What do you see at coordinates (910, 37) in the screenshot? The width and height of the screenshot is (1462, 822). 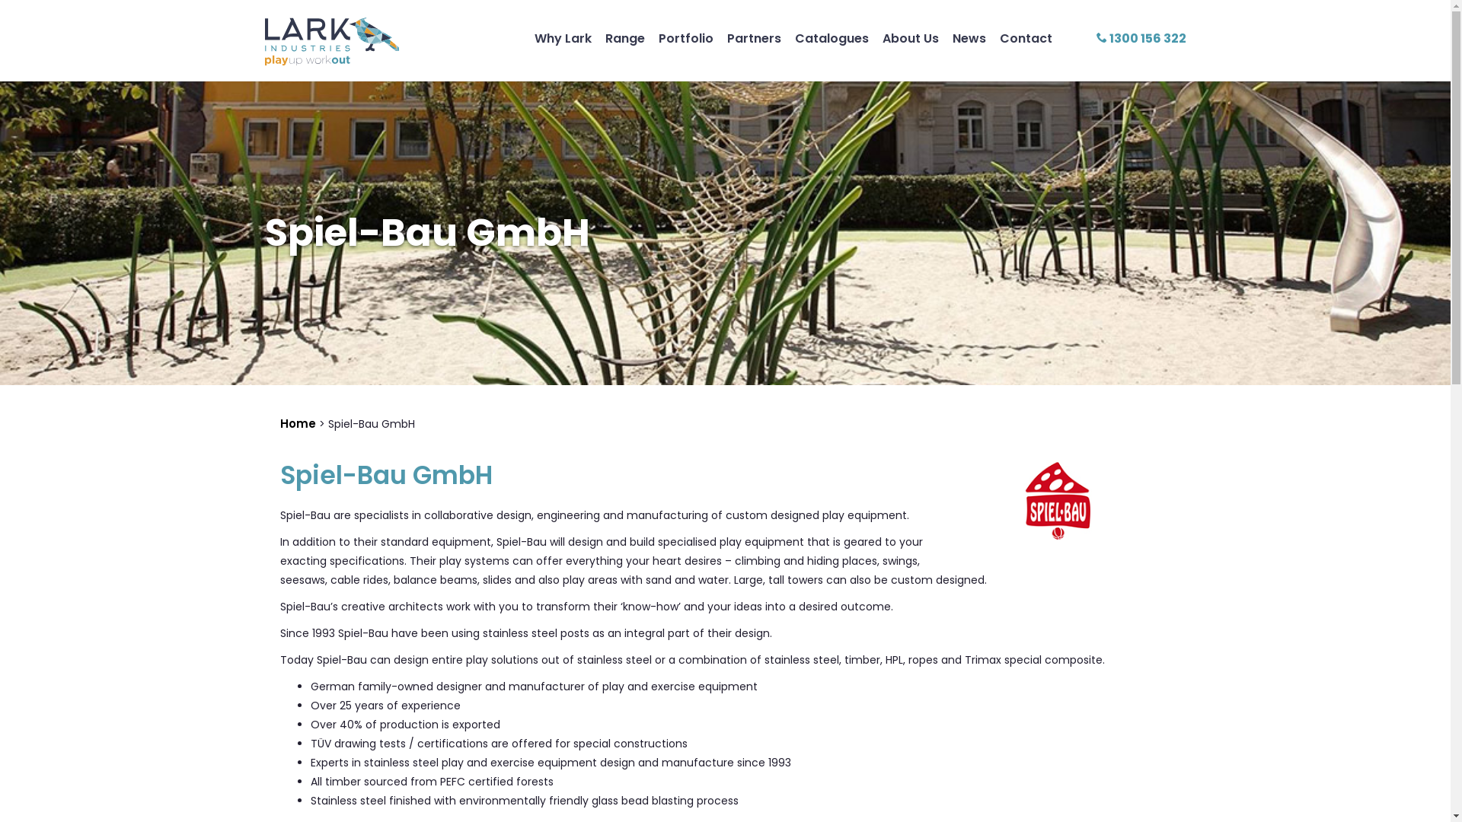 I see `'About Us'` at bounding box center [910, 37].